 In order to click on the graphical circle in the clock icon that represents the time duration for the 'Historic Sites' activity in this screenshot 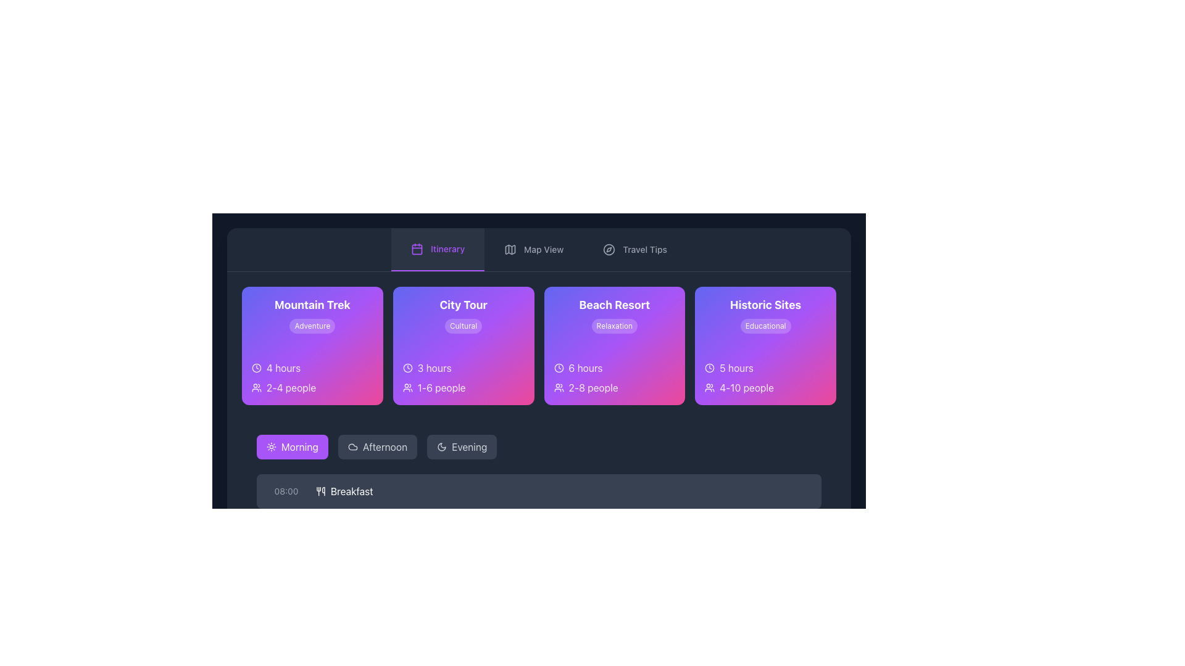, I will do `click(710, 368)`.